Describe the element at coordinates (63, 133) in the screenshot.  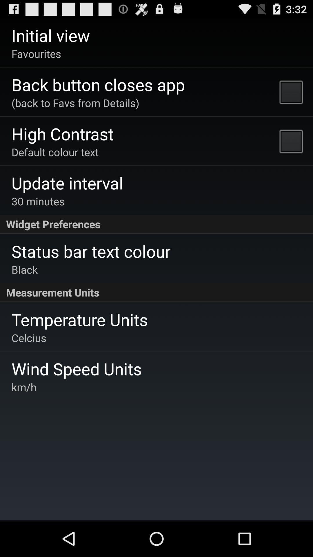
I see `the item above default colour text item` at that location.